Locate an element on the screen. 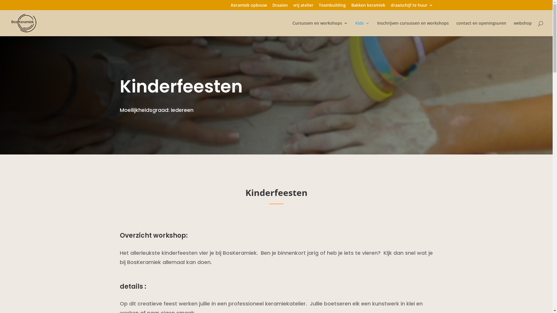 This screenshot has height=313, width=557. 'Cursussen en workshops' is located at coordinates (320, 29).